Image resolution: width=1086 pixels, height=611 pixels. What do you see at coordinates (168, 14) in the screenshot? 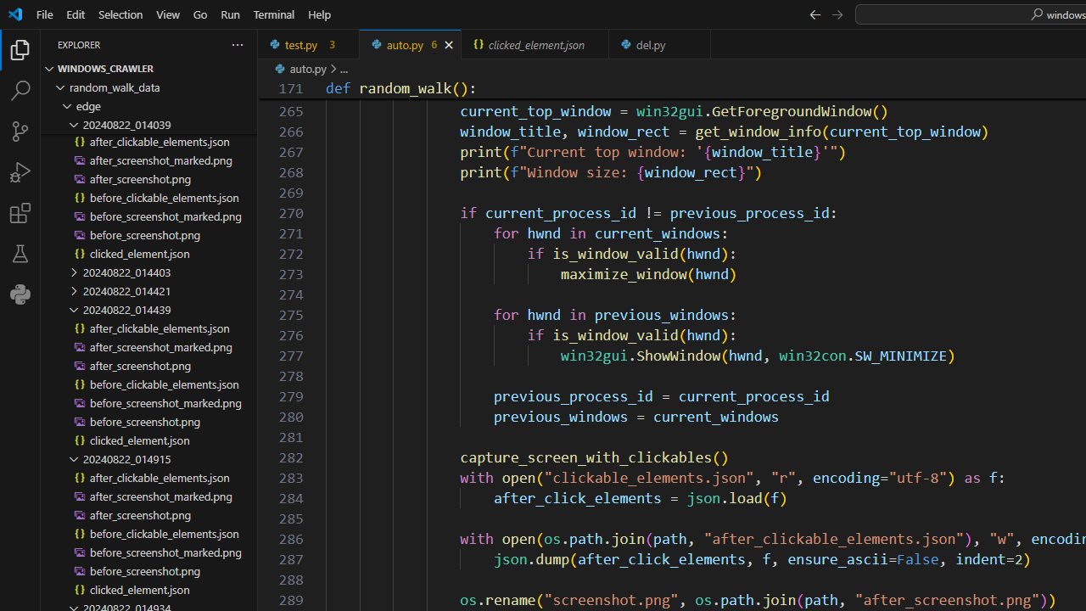
I see `'View'` at bounding box center [168, 14].